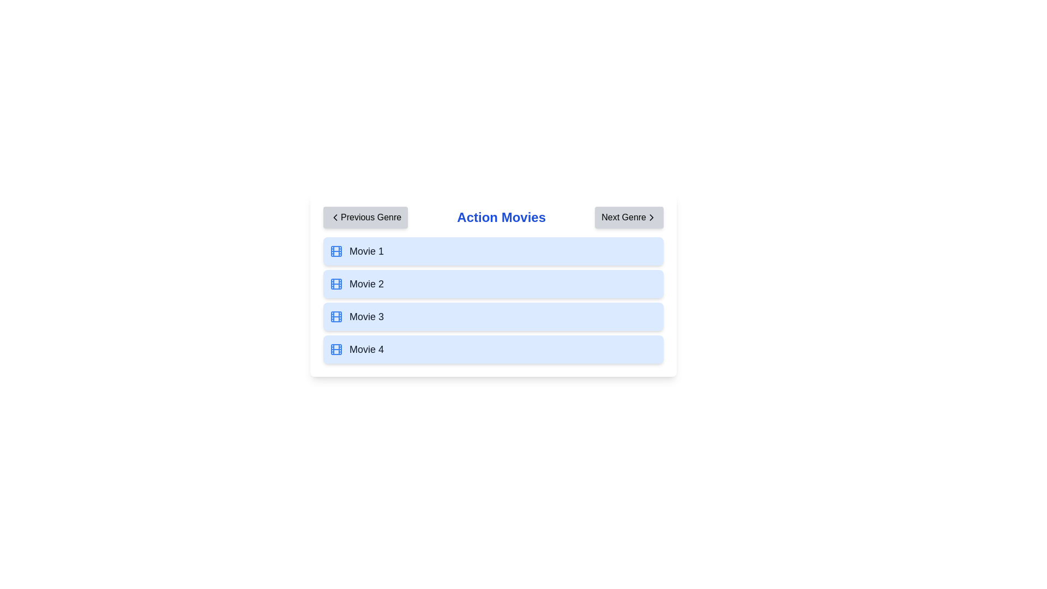 This screenshot has width=1047, height=589. I want to click on the SVG shape representing the film reel icon for 'Movie 2' located in the second row of the 'Action Movies' section, so click(336, 283).